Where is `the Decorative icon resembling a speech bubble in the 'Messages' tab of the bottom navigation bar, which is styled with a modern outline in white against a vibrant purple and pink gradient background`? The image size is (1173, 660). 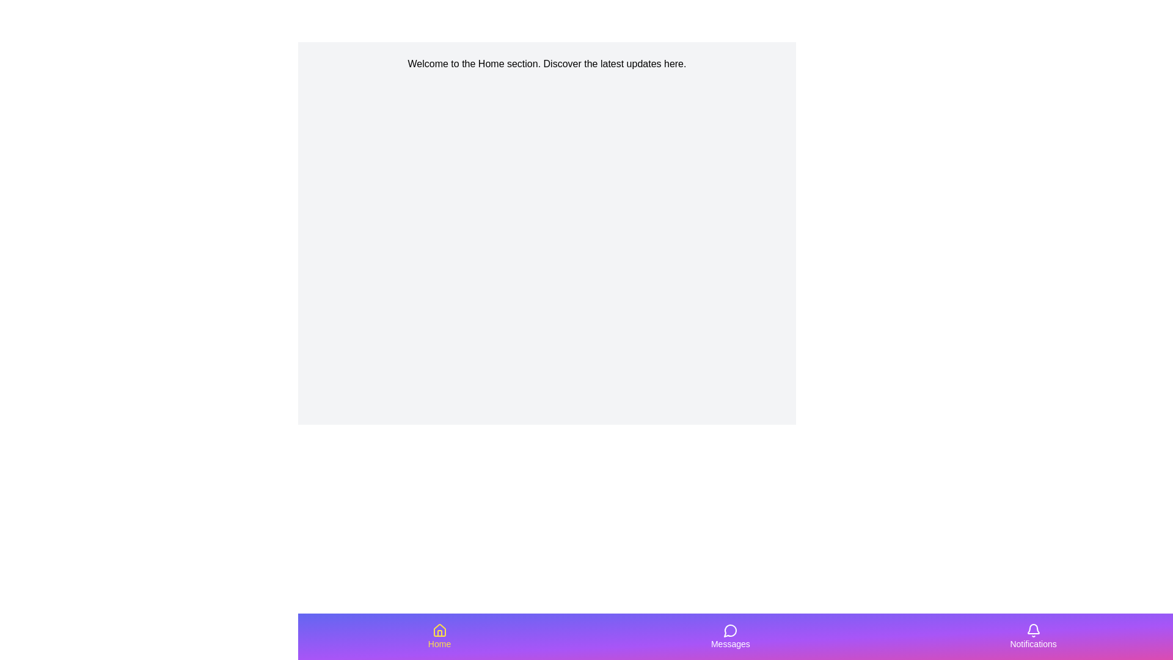
the Decorative icon resembling a speech bubble in the 'Messages' tab of the bottom navigation bar, which is styled with a modern outline in white against a vibrant purple and pink gradient background is located at coordinates (730, 631).